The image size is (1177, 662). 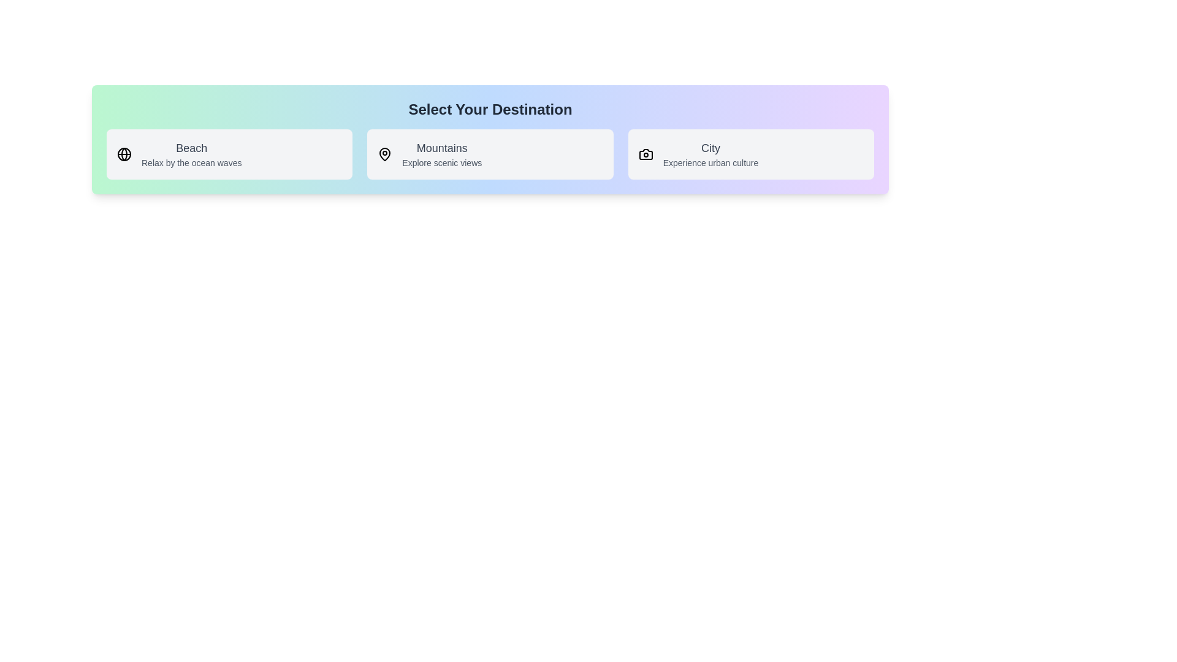 I want to click on the descriptive text label for the 'Mountains' option located within its card-like layout, so click(x=441, y=162).